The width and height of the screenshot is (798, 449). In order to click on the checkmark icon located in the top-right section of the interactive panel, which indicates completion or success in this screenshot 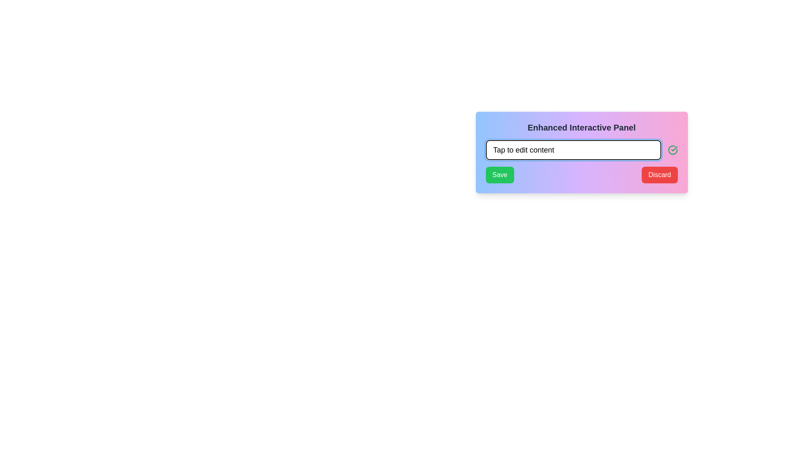, I will do `click(674, 148)`.